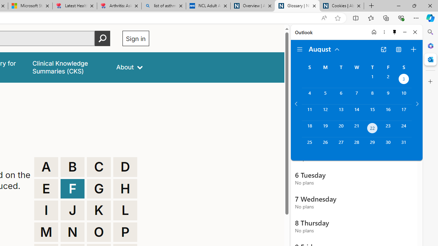 Image resolution: width=438 pixels, height=246 pixels. I want to click on 'August', so click(324, 48).